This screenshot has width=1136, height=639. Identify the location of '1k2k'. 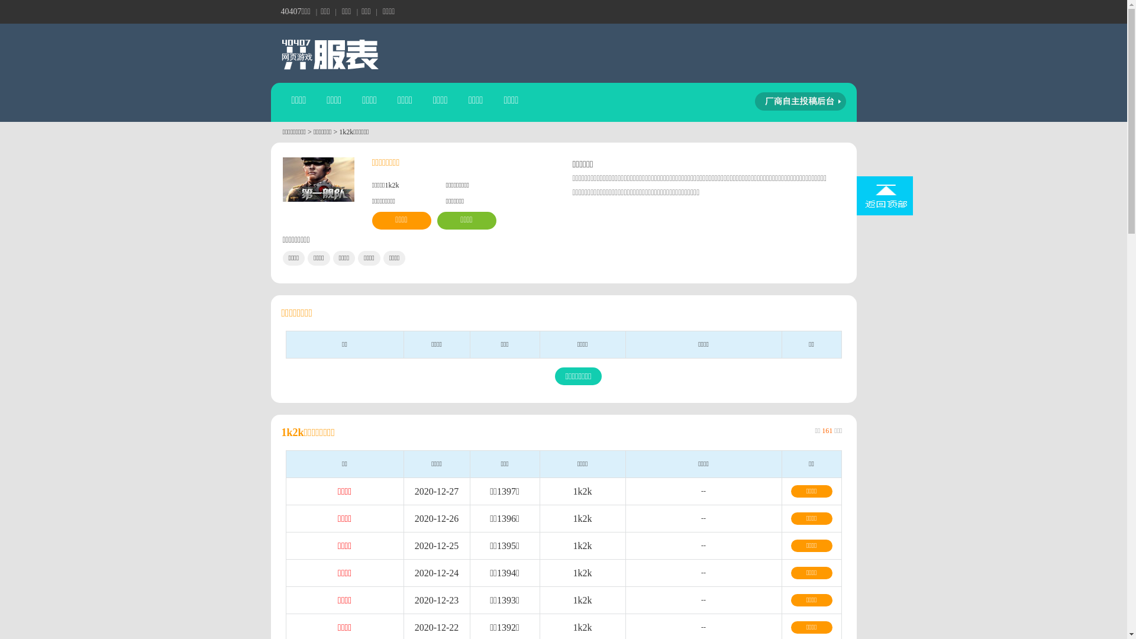
(582, 546).